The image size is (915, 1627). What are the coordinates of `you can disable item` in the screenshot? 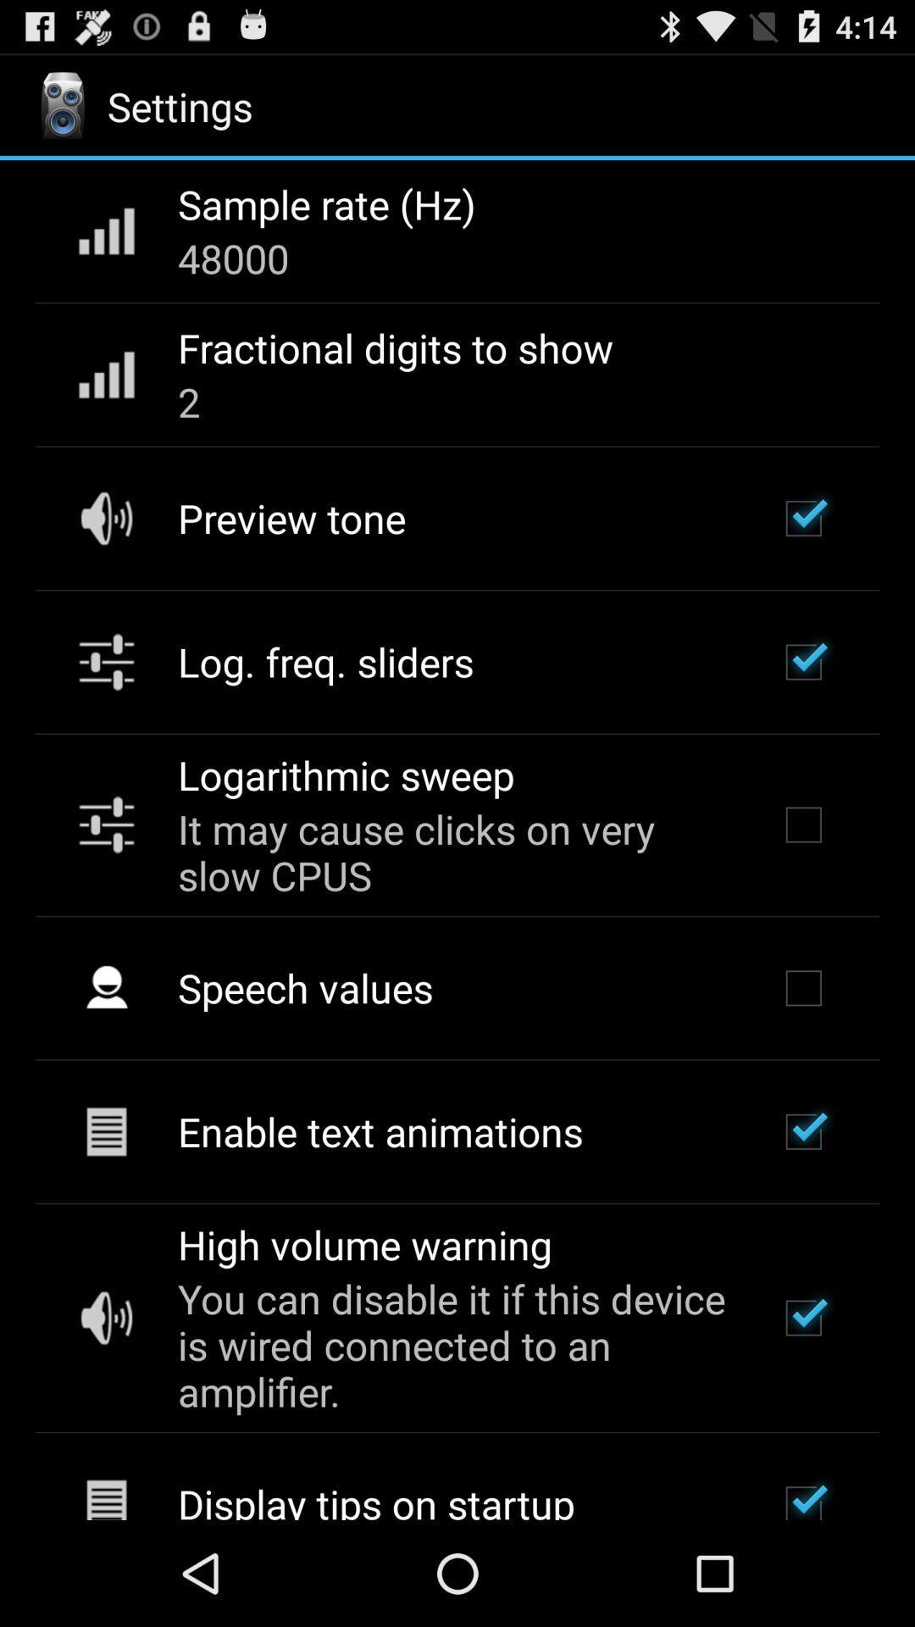 It's located at (454, 1344).